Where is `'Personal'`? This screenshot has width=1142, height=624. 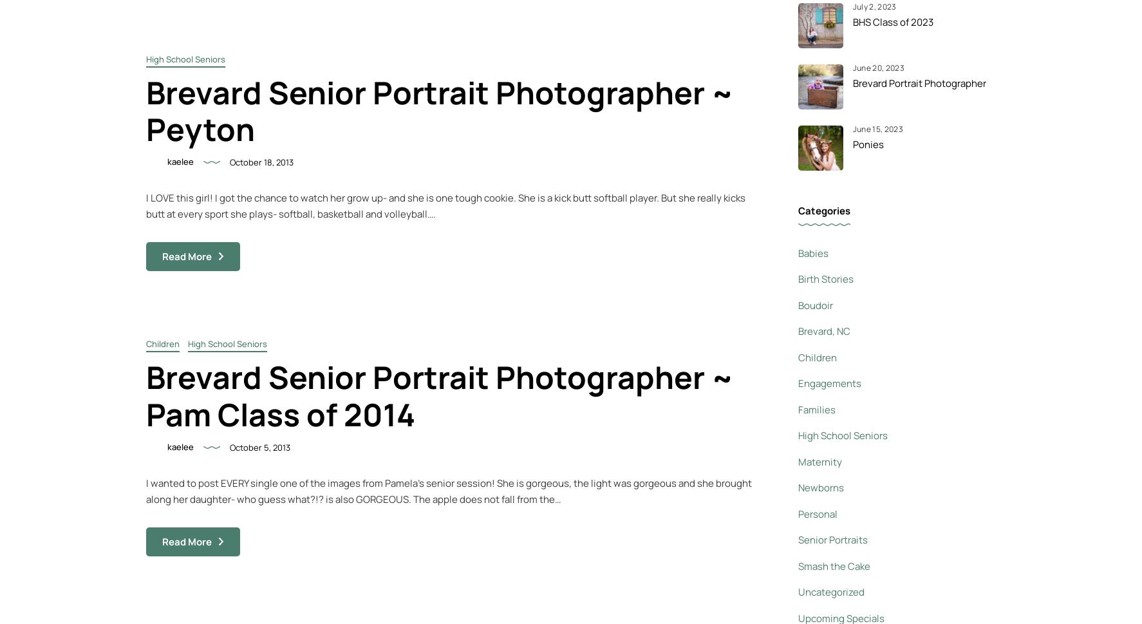 'Personal' is located at coordinates (816, 513).